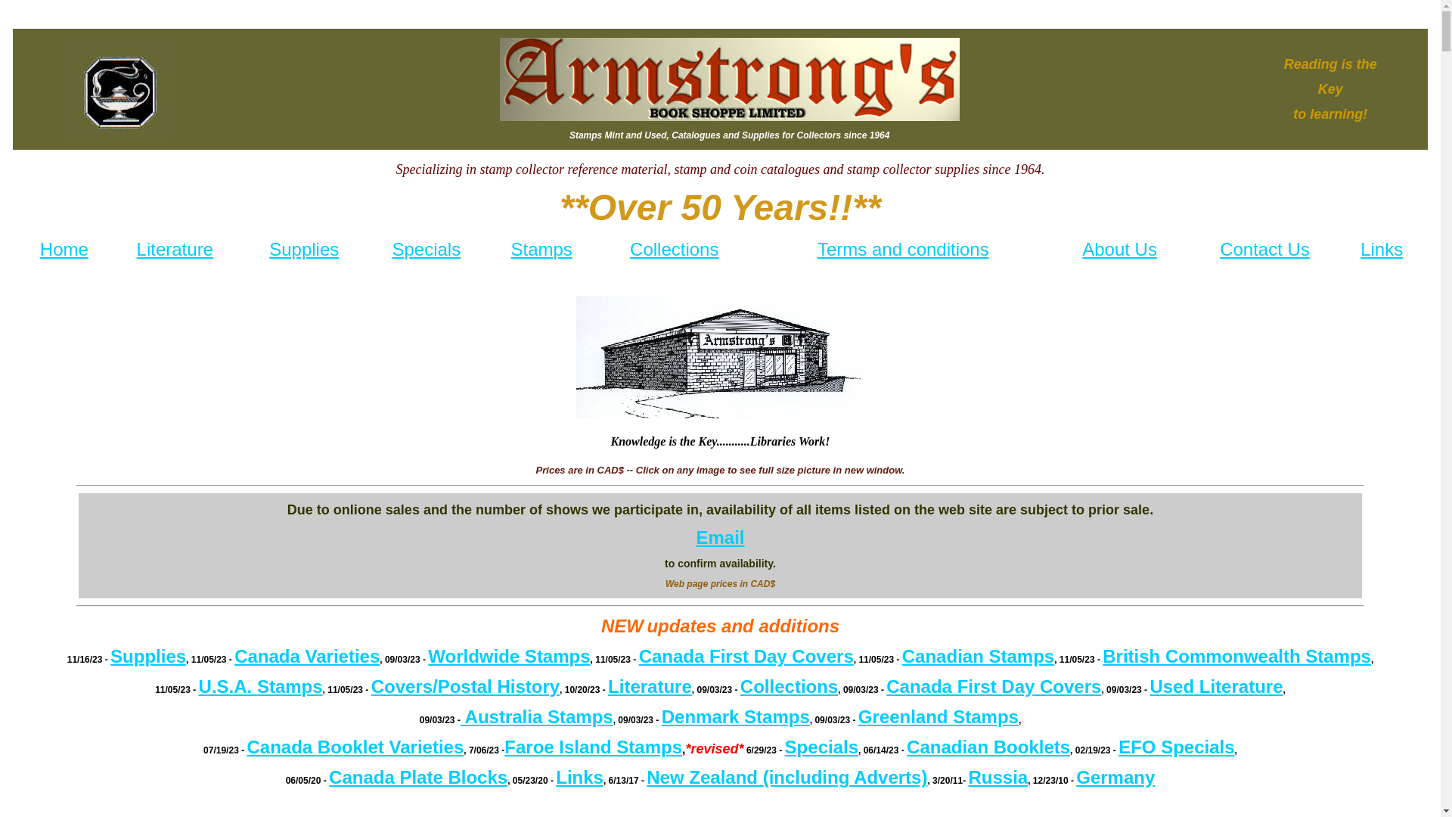  What do you see at coordinates (1219, 248) in the screenshot?
I see `'Contact Us'` at bounding box center [1219, 248].